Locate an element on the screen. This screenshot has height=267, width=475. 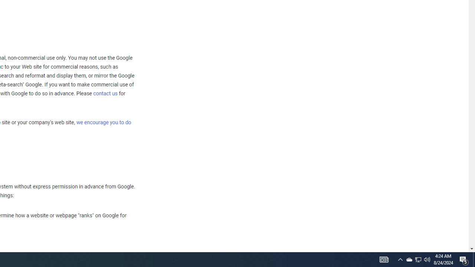
'contact us' is located at coordinates (105, 93).